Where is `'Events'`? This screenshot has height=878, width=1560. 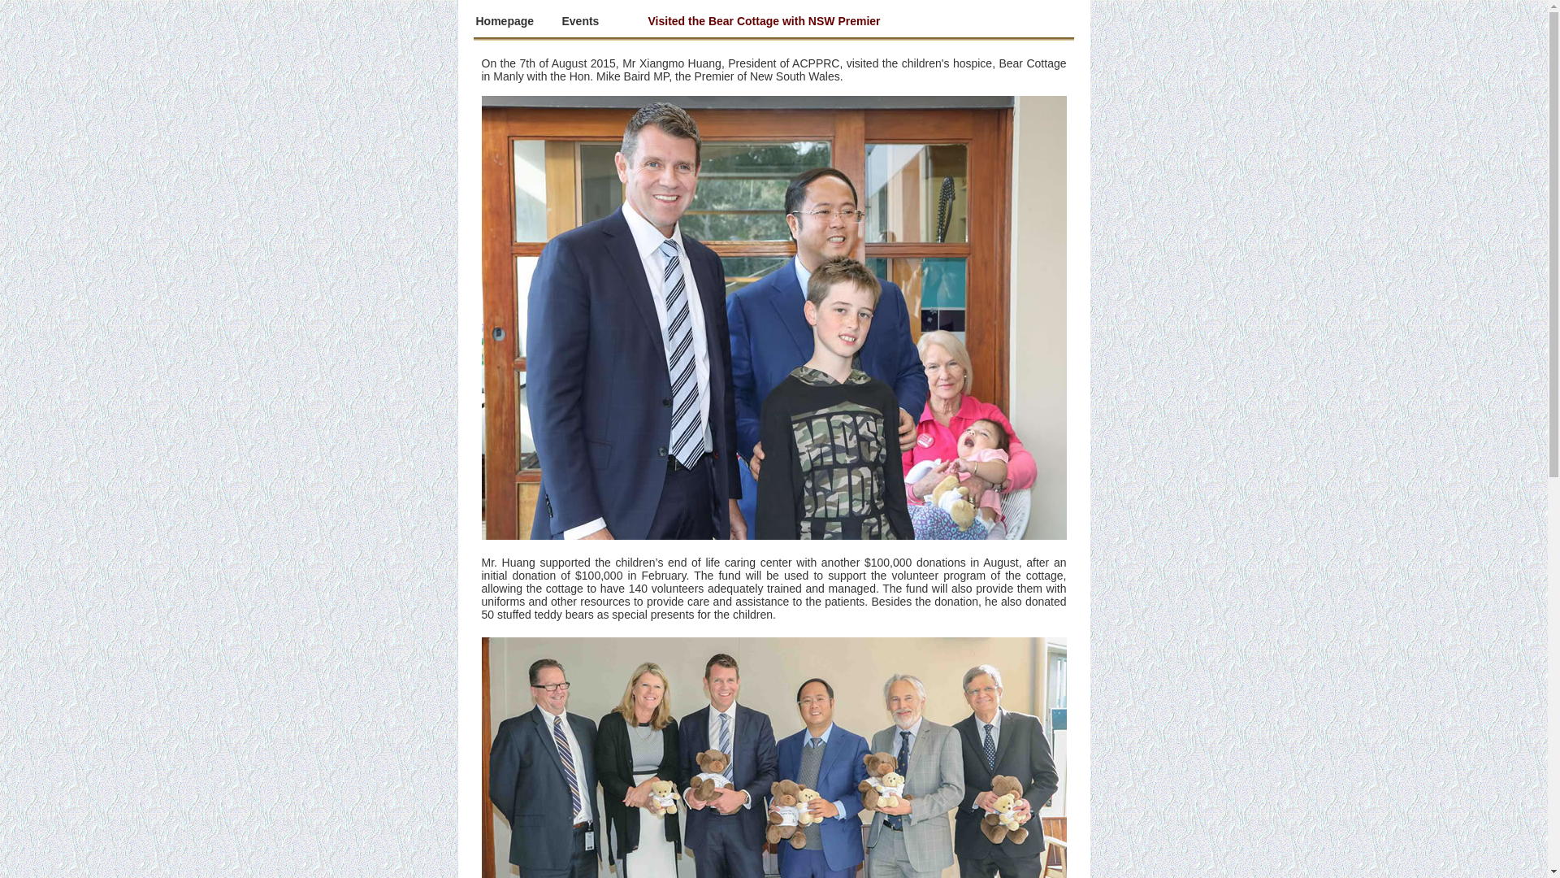 'Events' is located at coordinates (581, 21).